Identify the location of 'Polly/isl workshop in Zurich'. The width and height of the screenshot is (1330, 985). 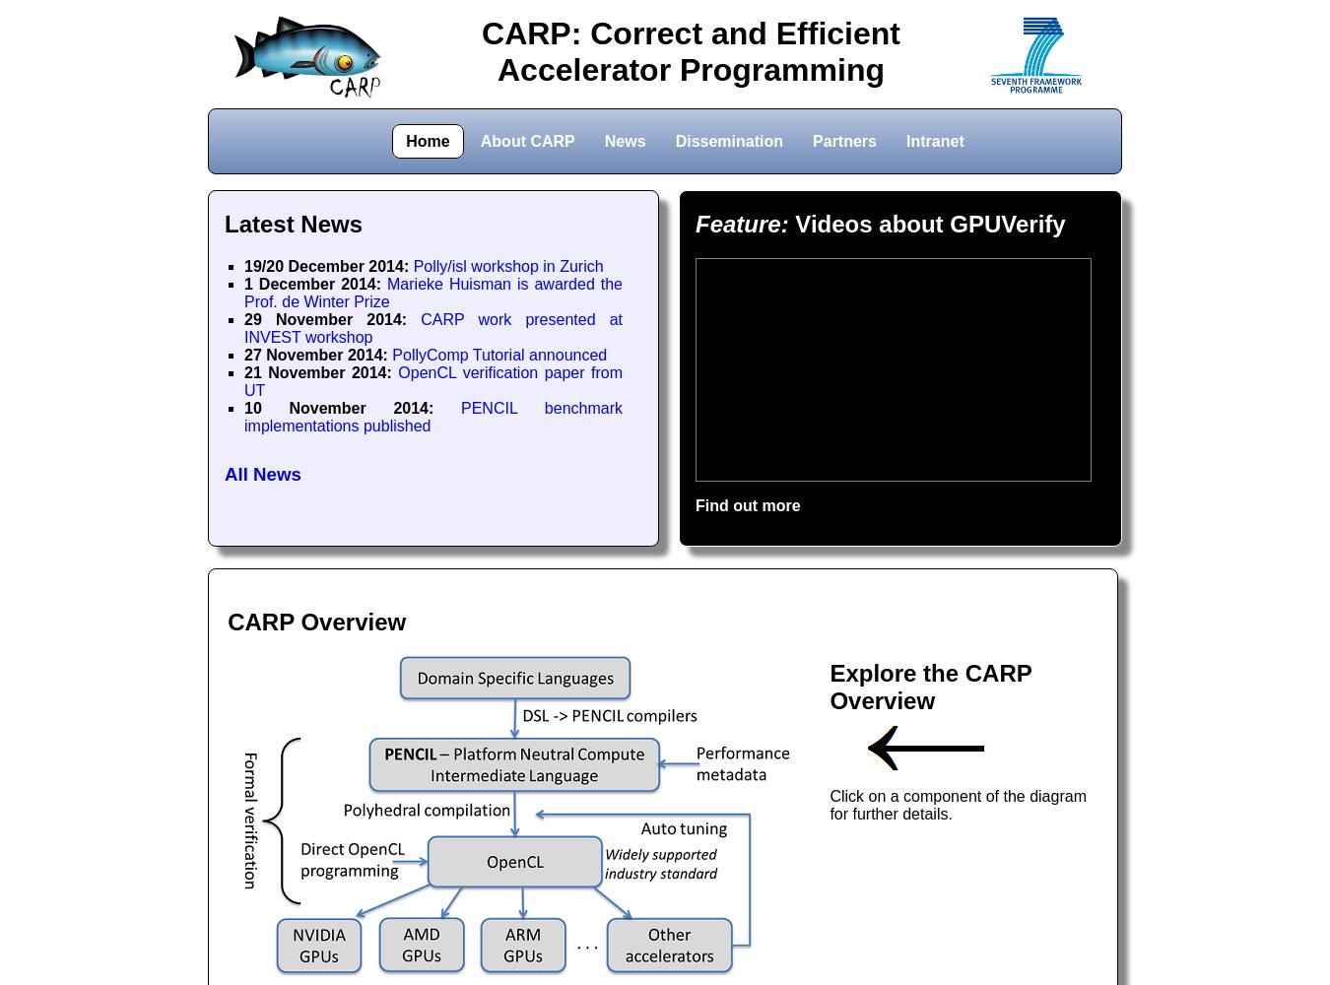
(506, 266).